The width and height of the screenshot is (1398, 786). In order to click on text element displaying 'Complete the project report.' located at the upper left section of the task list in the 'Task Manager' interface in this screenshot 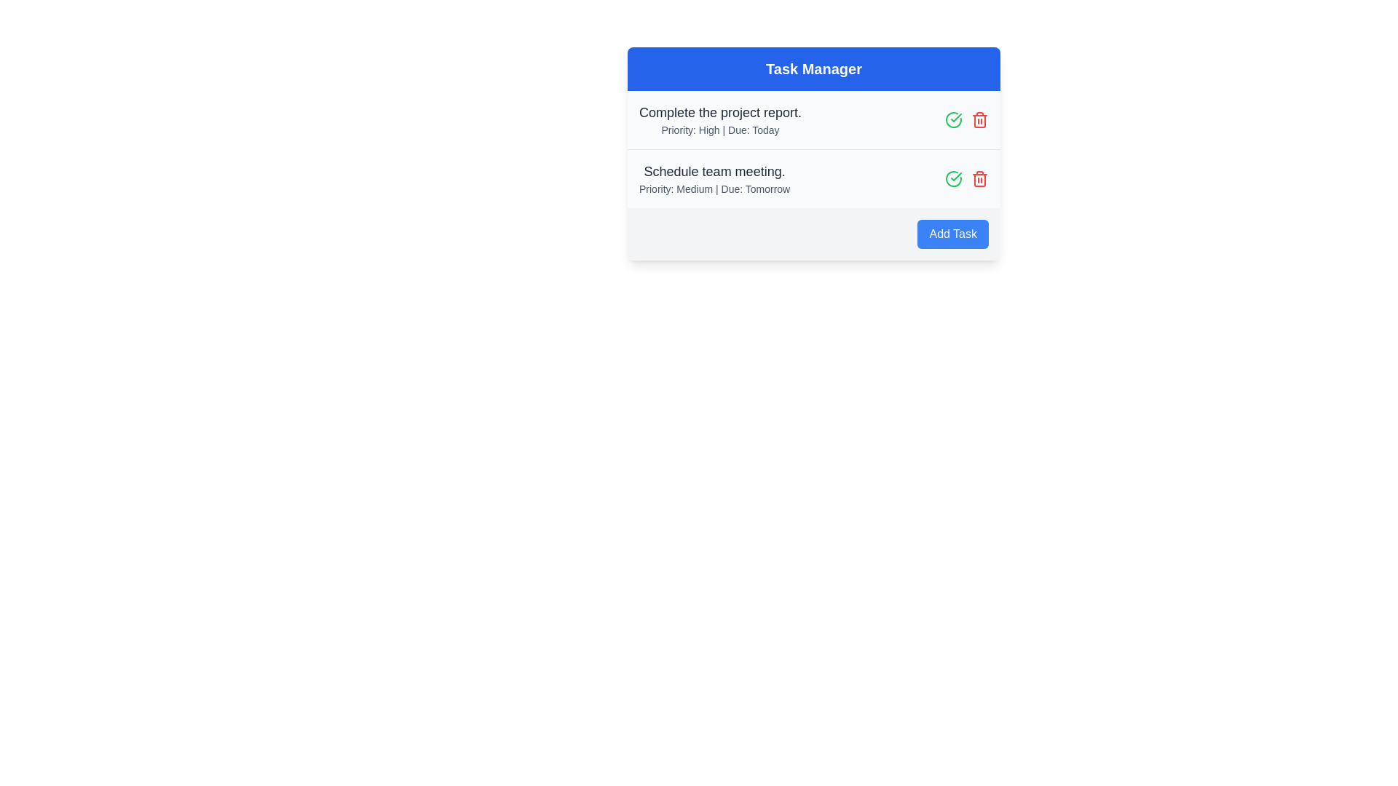, I will do `click(720, 111)`.